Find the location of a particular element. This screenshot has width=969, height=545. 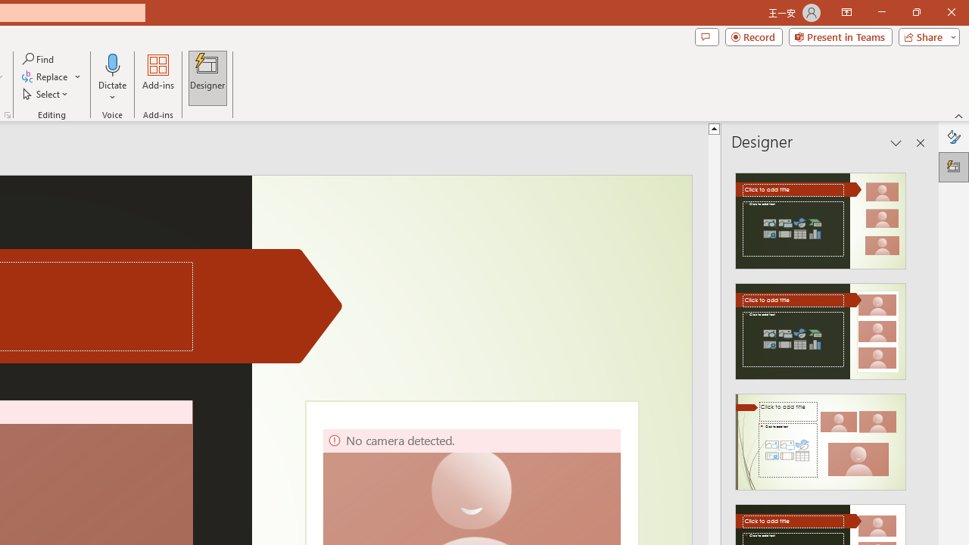

'Format Object...' is located at coordinates (8, 114).